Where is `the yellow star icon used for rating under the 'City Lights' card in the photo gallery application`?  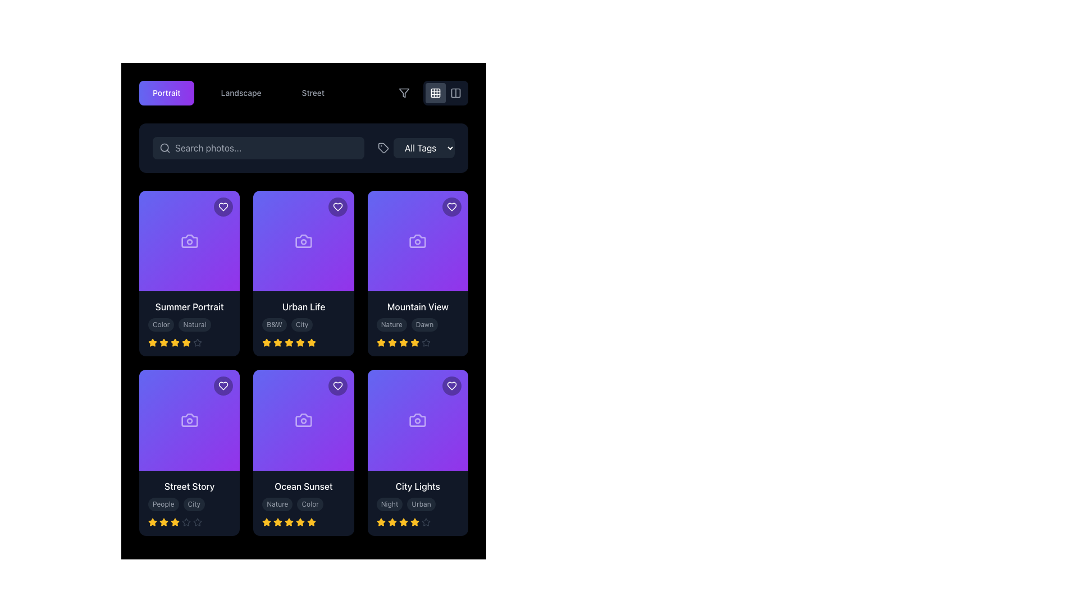 the yellow star icon used for rating under the 'City Lights' card in the photo gallery application is located at coordinates (381, 522).